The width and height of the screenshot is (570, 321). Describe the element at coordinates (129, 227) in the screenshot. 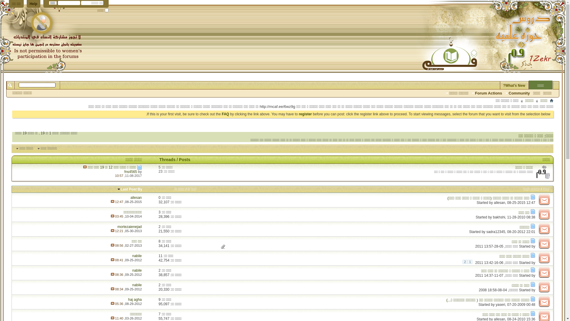

I see `'mortezaienejad'` at that location.